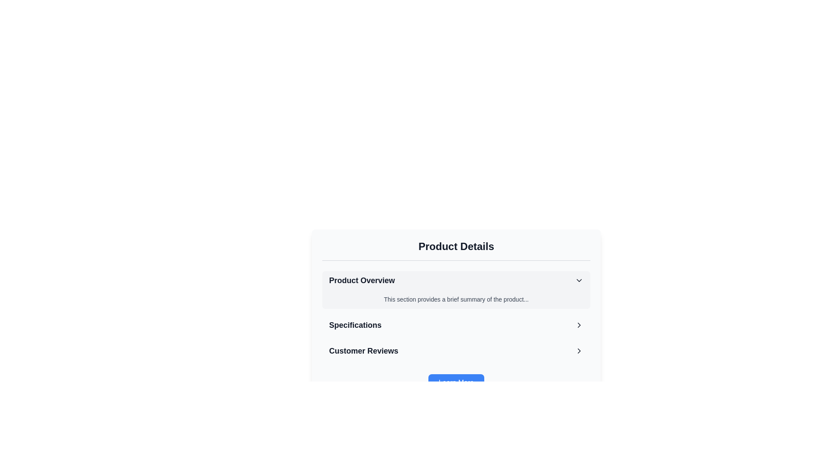  Describe the element at coordinates (579, 280) in the screenshot. I see `the downward-facing chevron icon located on the far right of the 'Product Overview' list item, which features thin, dark lines against a light background` at that location.